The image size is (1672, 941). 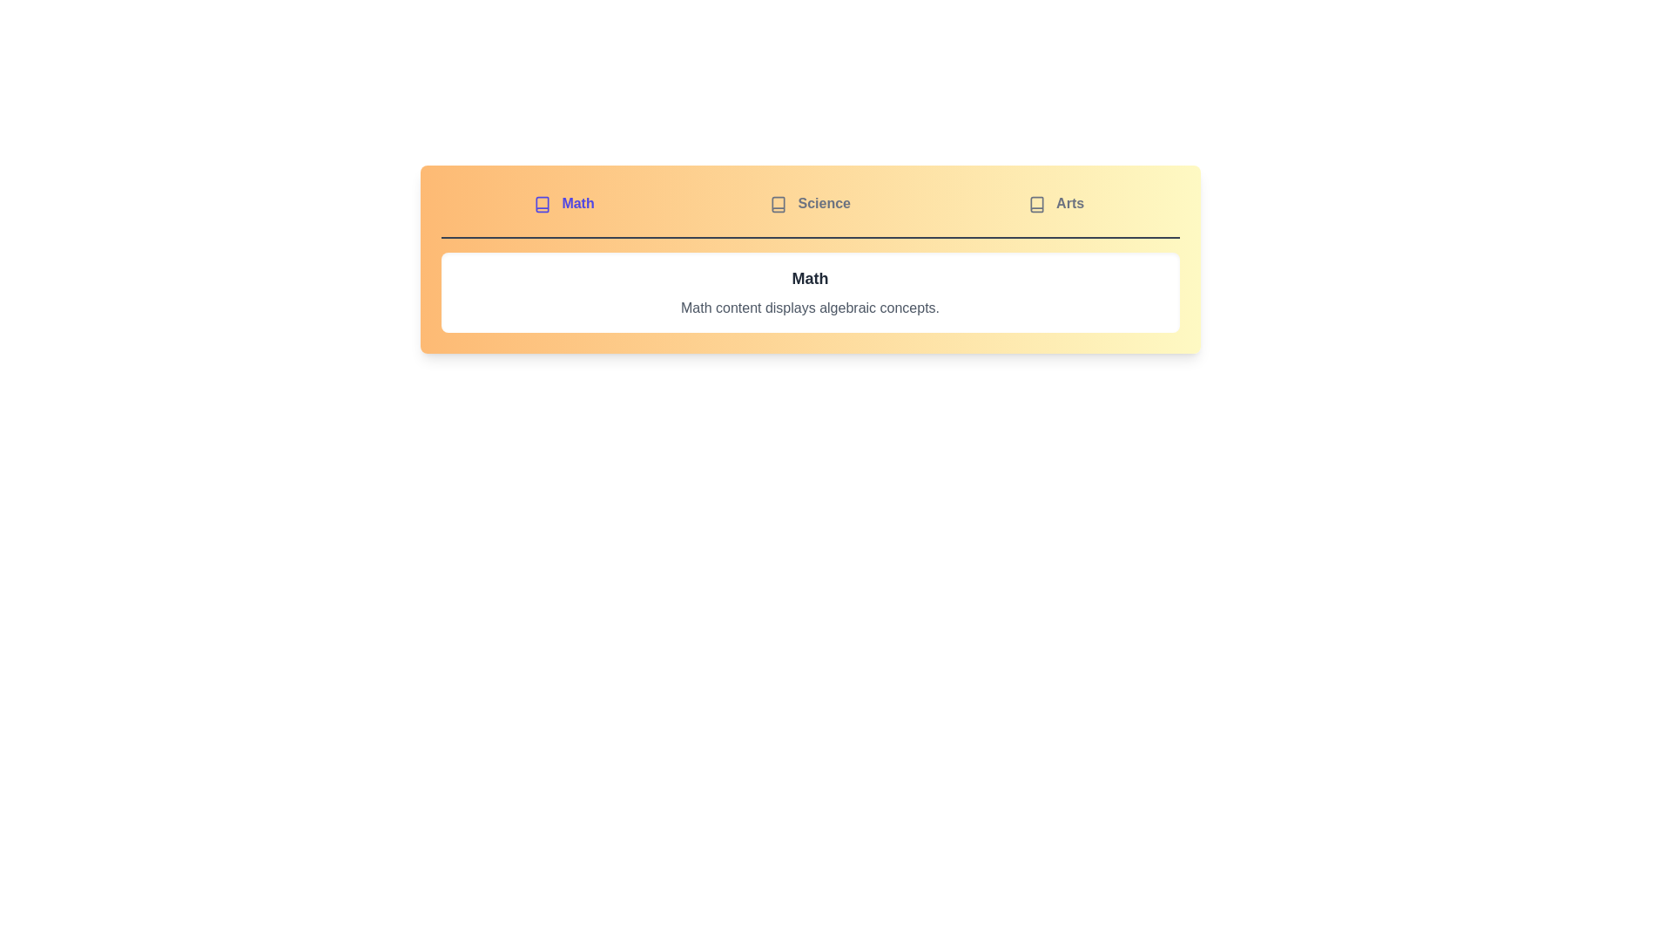 I want to click on the Math tab to switch to its content, so click(x=563, y=204).